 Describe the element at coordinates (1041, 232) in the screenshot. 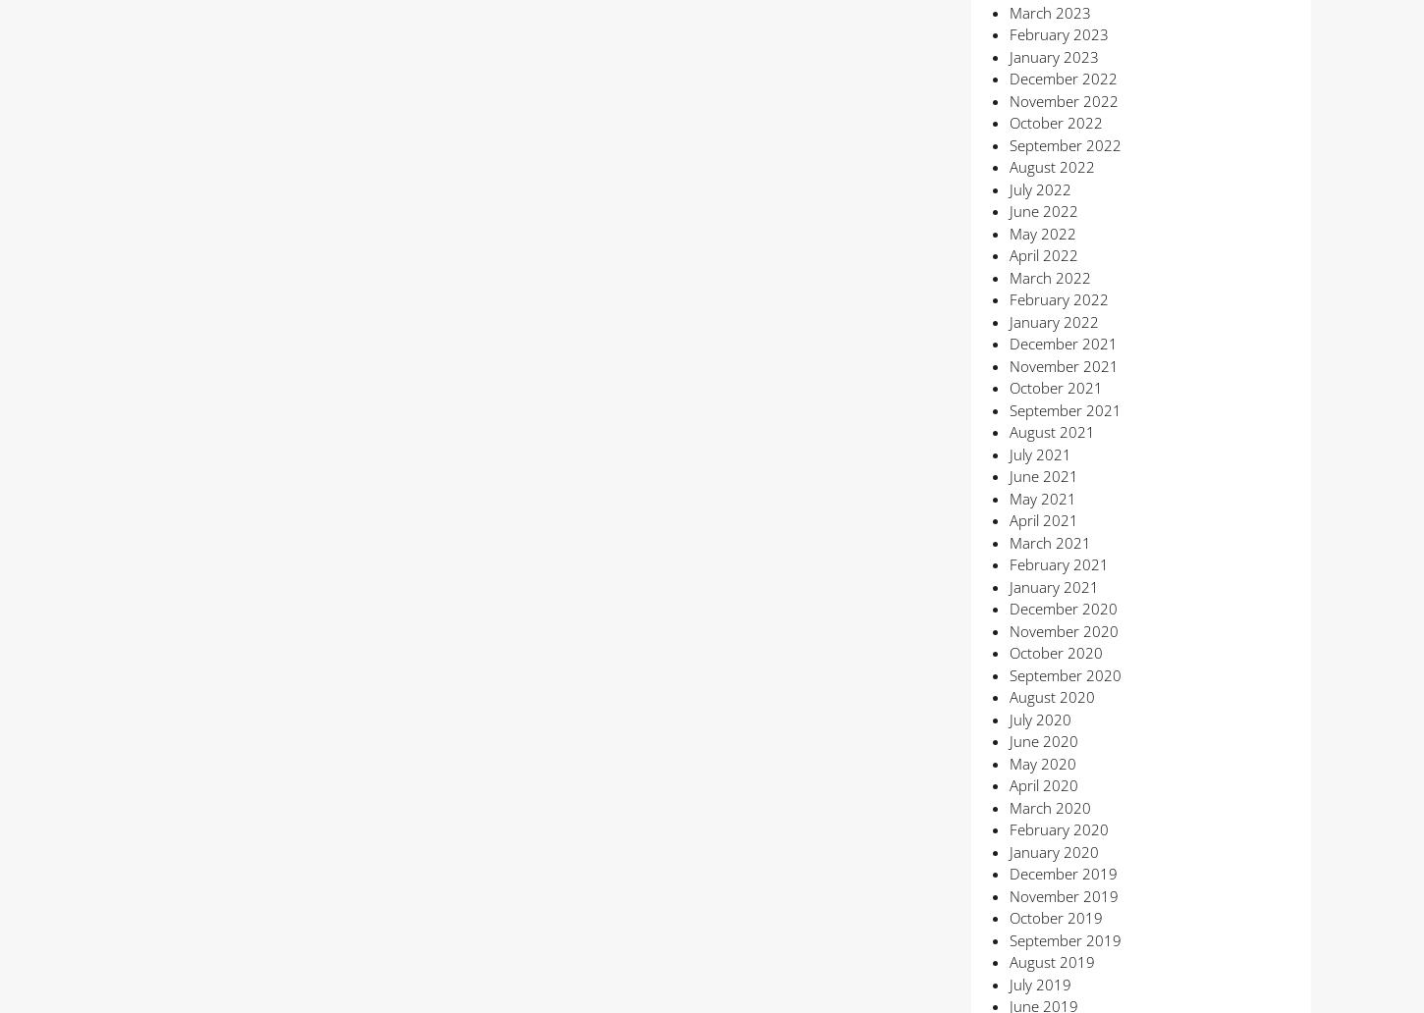

I see `'May 2022'` at that location.